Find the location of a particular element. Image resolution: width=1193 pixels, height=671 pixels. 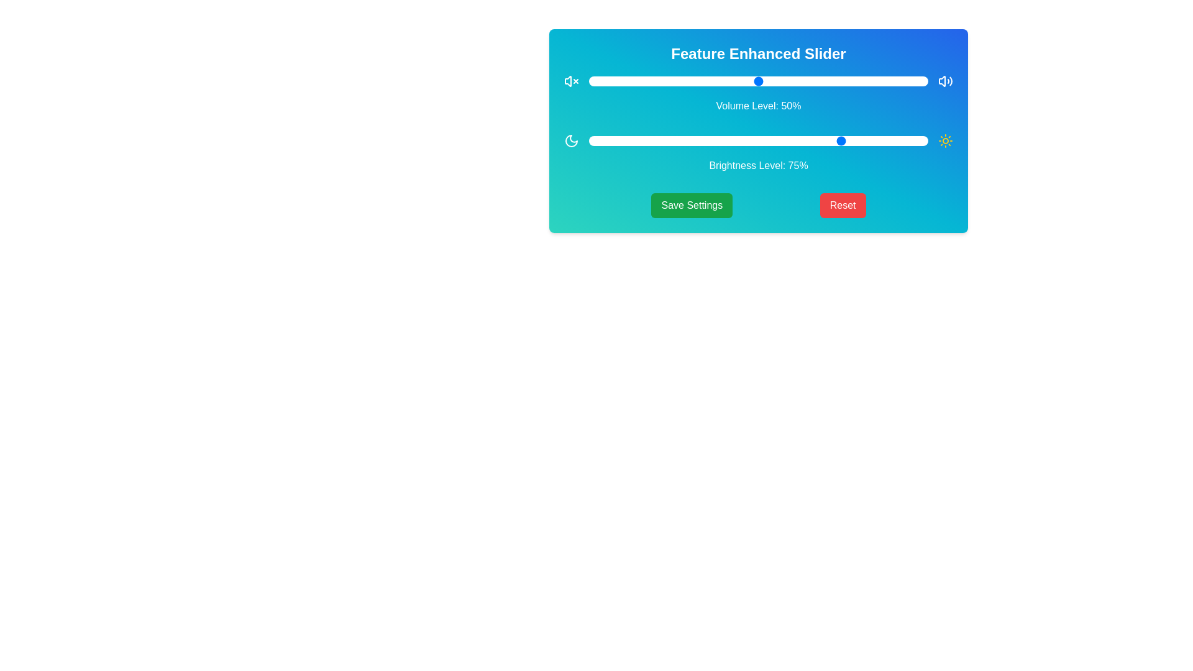

brightness is located at coordinates (646, 140).